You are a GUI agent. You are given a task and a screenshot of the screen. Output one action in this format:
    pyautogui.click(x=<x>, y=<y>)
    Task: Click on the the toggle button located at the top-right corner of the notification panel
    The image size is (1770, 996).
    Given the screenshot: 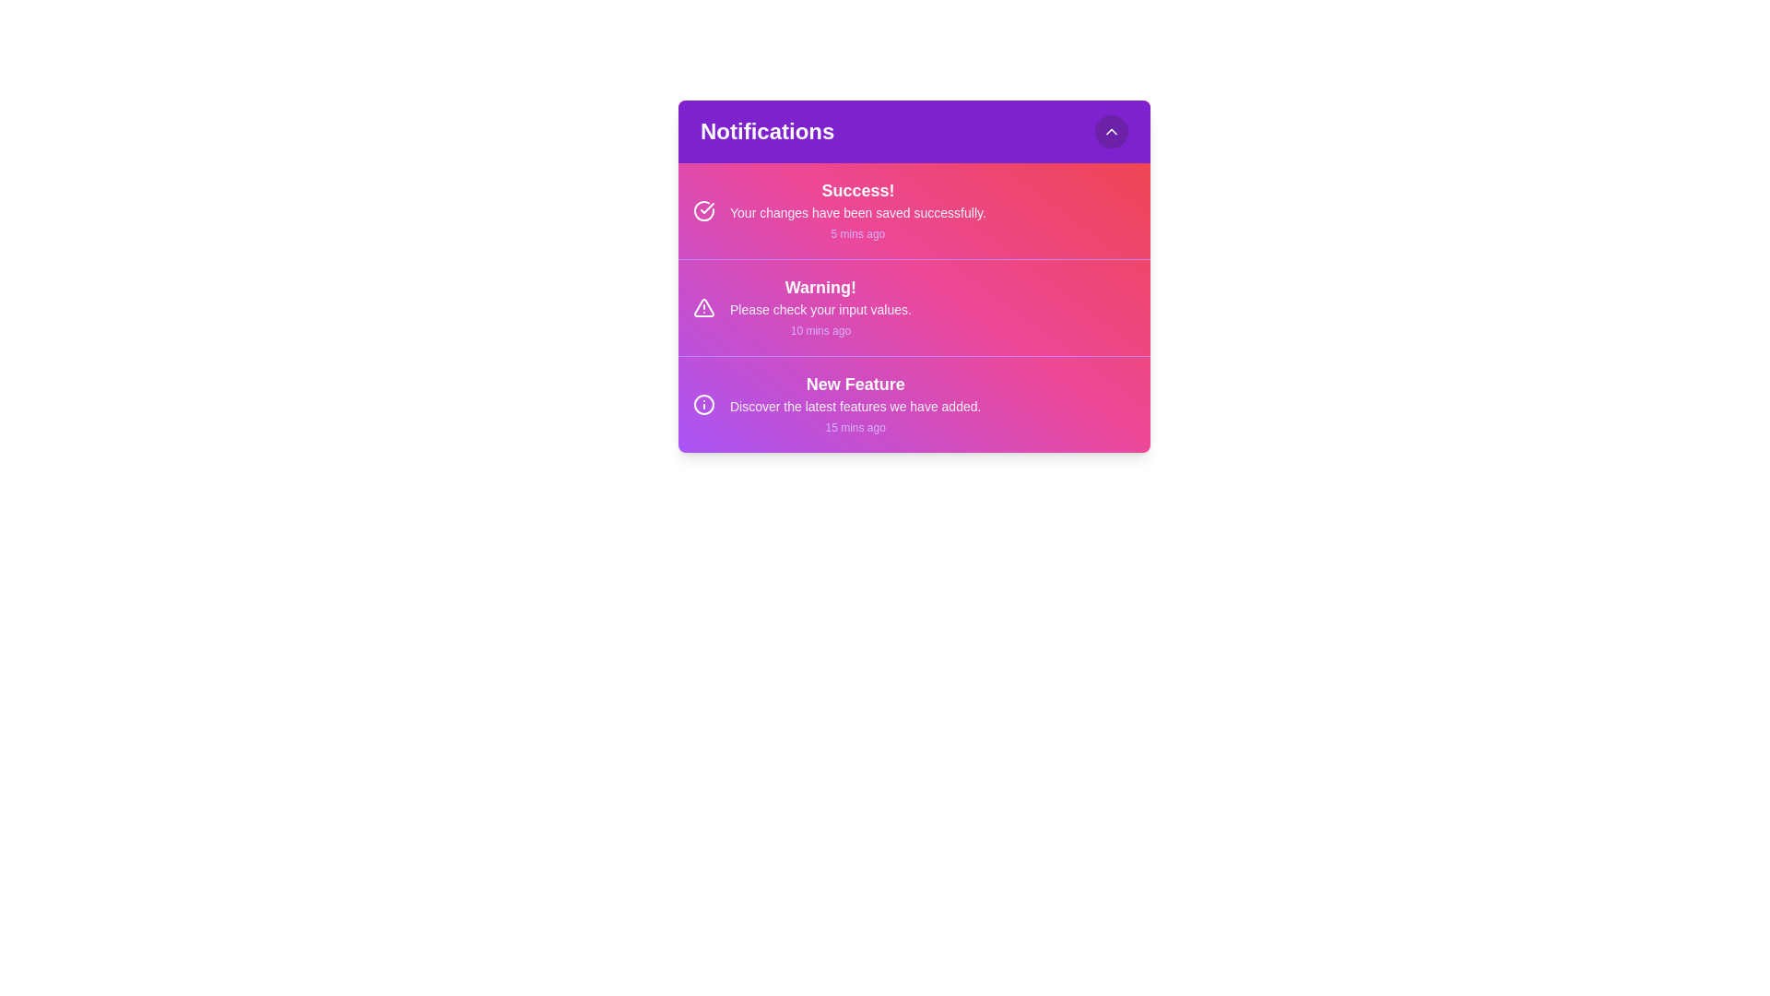 What is the action you would take?
    pyautogui.click(x=1110, y=130)
    